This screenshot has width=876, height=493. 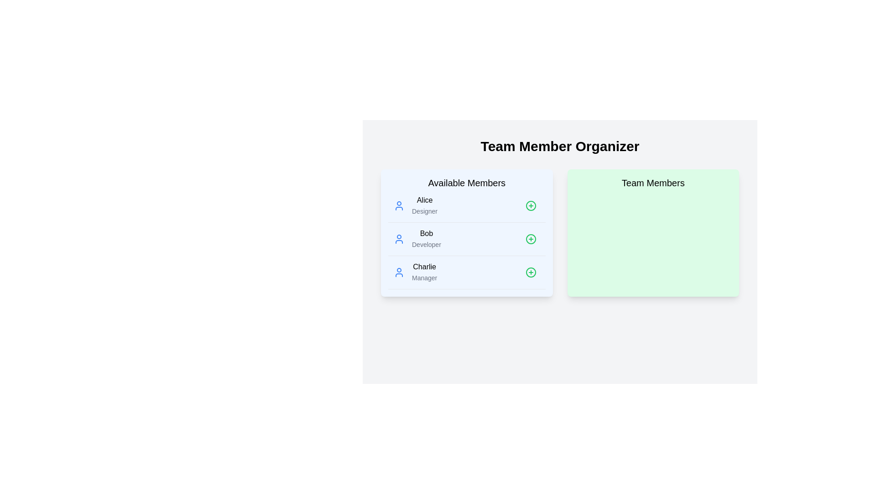 What do you see at coordinates (399, 272) in the screenshot?
I see `the visual identifier icon for the user named 'Charlie', which is located in the third row from the top, directly to the left of the textual information 'Charlie' and 'Manager'` at bounding box center [399, 272].